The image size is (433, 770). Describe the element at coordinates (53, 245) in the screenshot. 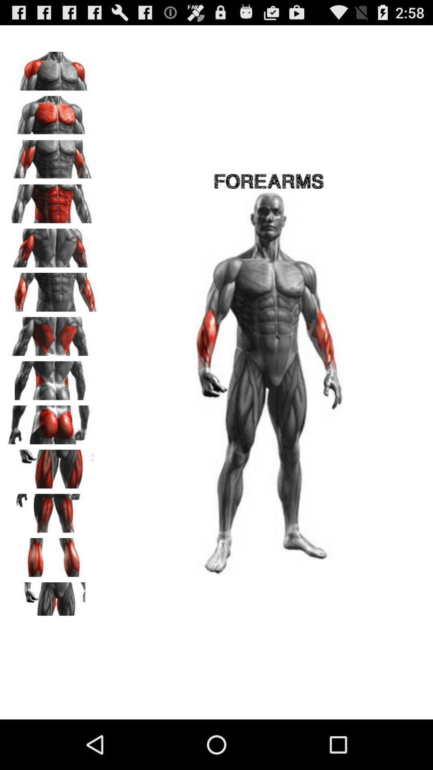

I see `tricep muscles` at that location.